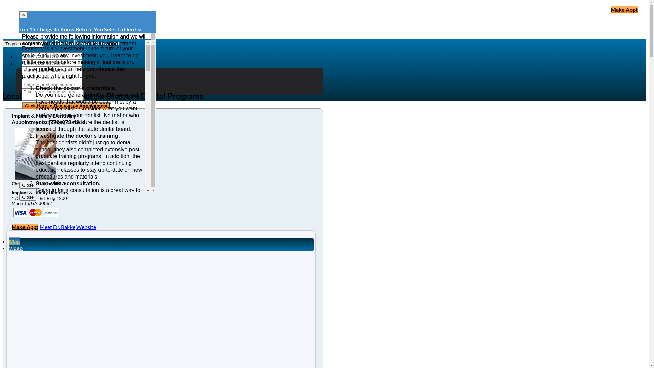 The image size is (654, 368). Describe the element at coordinates (27, 56) in the screenshot. I see `'Home'` at that location.